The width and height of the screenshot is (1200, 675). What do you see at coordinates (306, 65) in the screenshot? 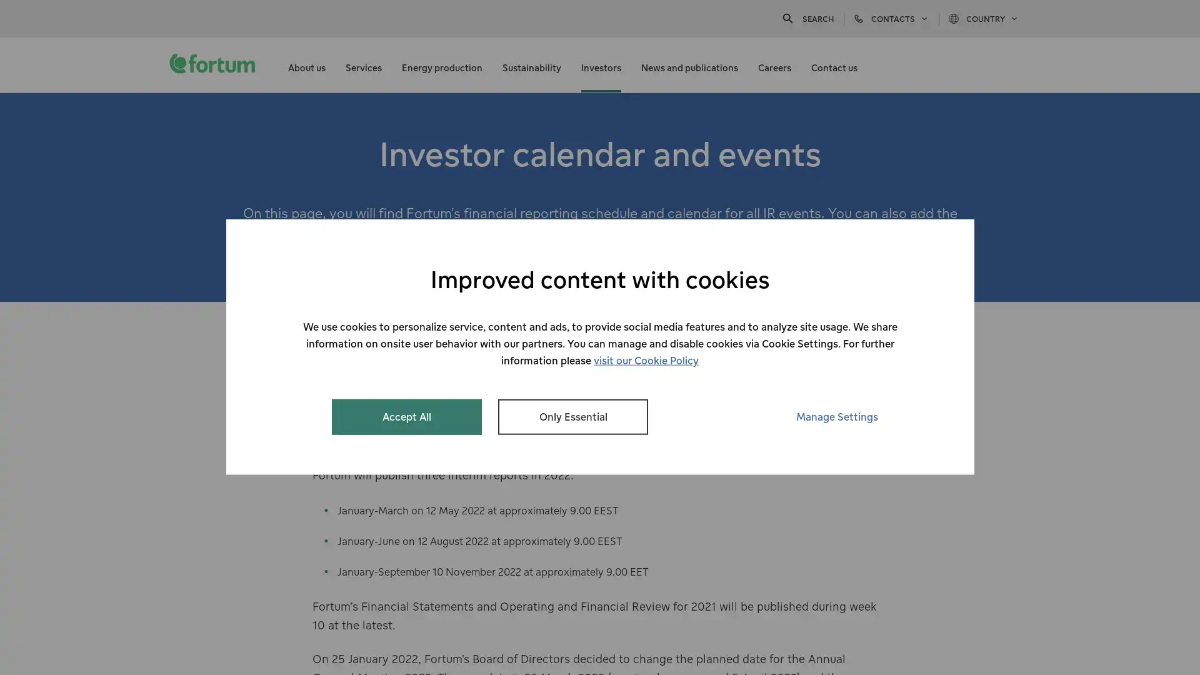
I see `About us` at bounding box center [306, 65].